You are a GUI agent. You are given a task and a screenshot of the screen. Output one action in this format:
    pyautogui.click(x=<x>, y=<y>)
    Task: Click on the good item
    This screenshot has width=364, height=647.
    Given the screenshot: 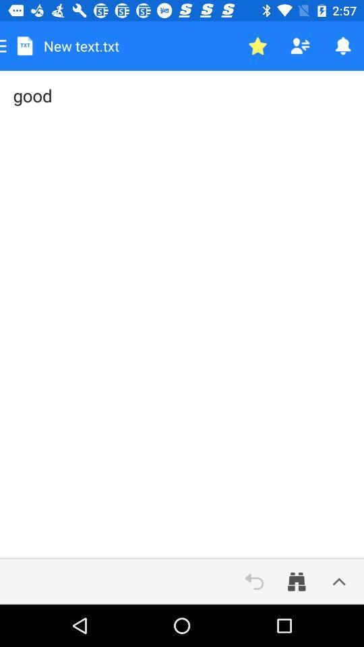 What is the action you would take?
    pyautogui.click(x=182, y=315)
    